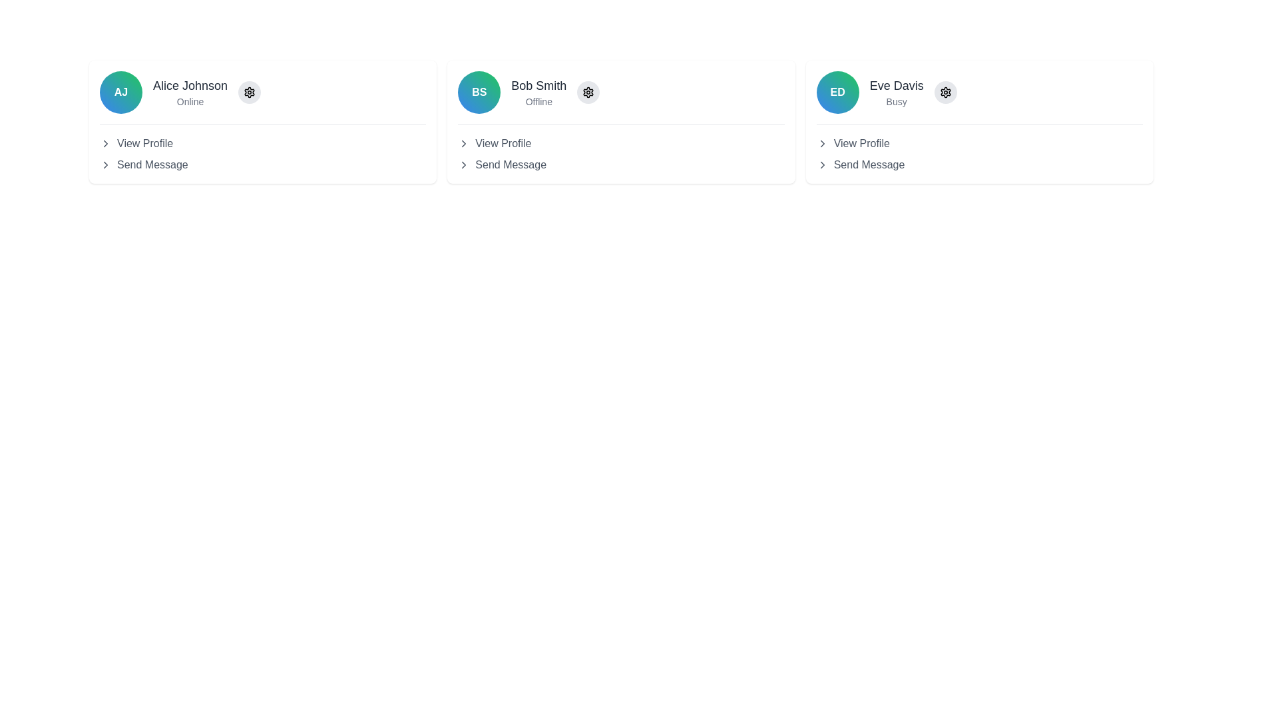 The image size is (1278, 719). Describe the element at coordinates (821, 164) in the screenshot. I see `the right-facing chevron icon located to the right of the 'Send Message' label in the profile card for 'Eve Davis'` at that location.